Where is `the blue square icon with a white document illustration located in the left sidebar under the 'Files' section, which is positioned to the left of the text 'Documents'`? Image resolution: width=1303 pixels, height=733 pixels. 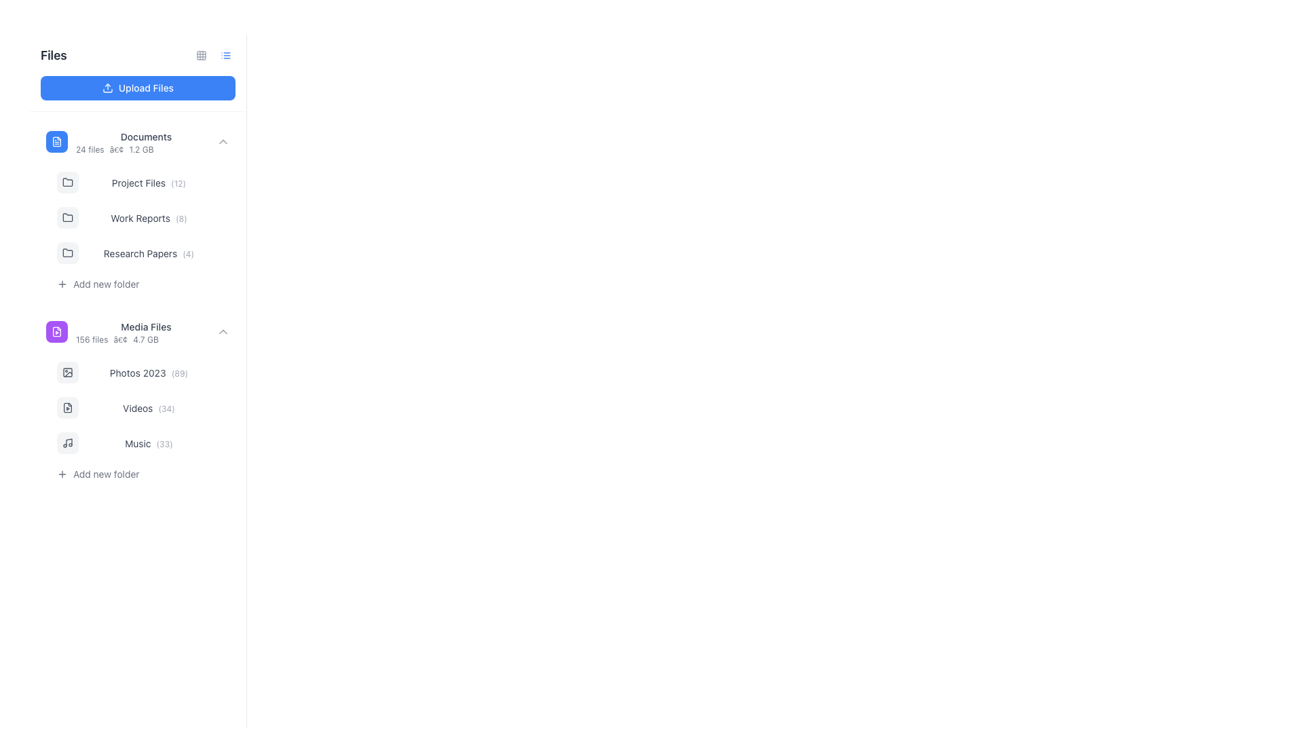 the blue square icon with a white document illustration located in the left sidebar under the 'Files' section, which is positioned to the left of the text 'Documents' is located at coordinates (56, 141).